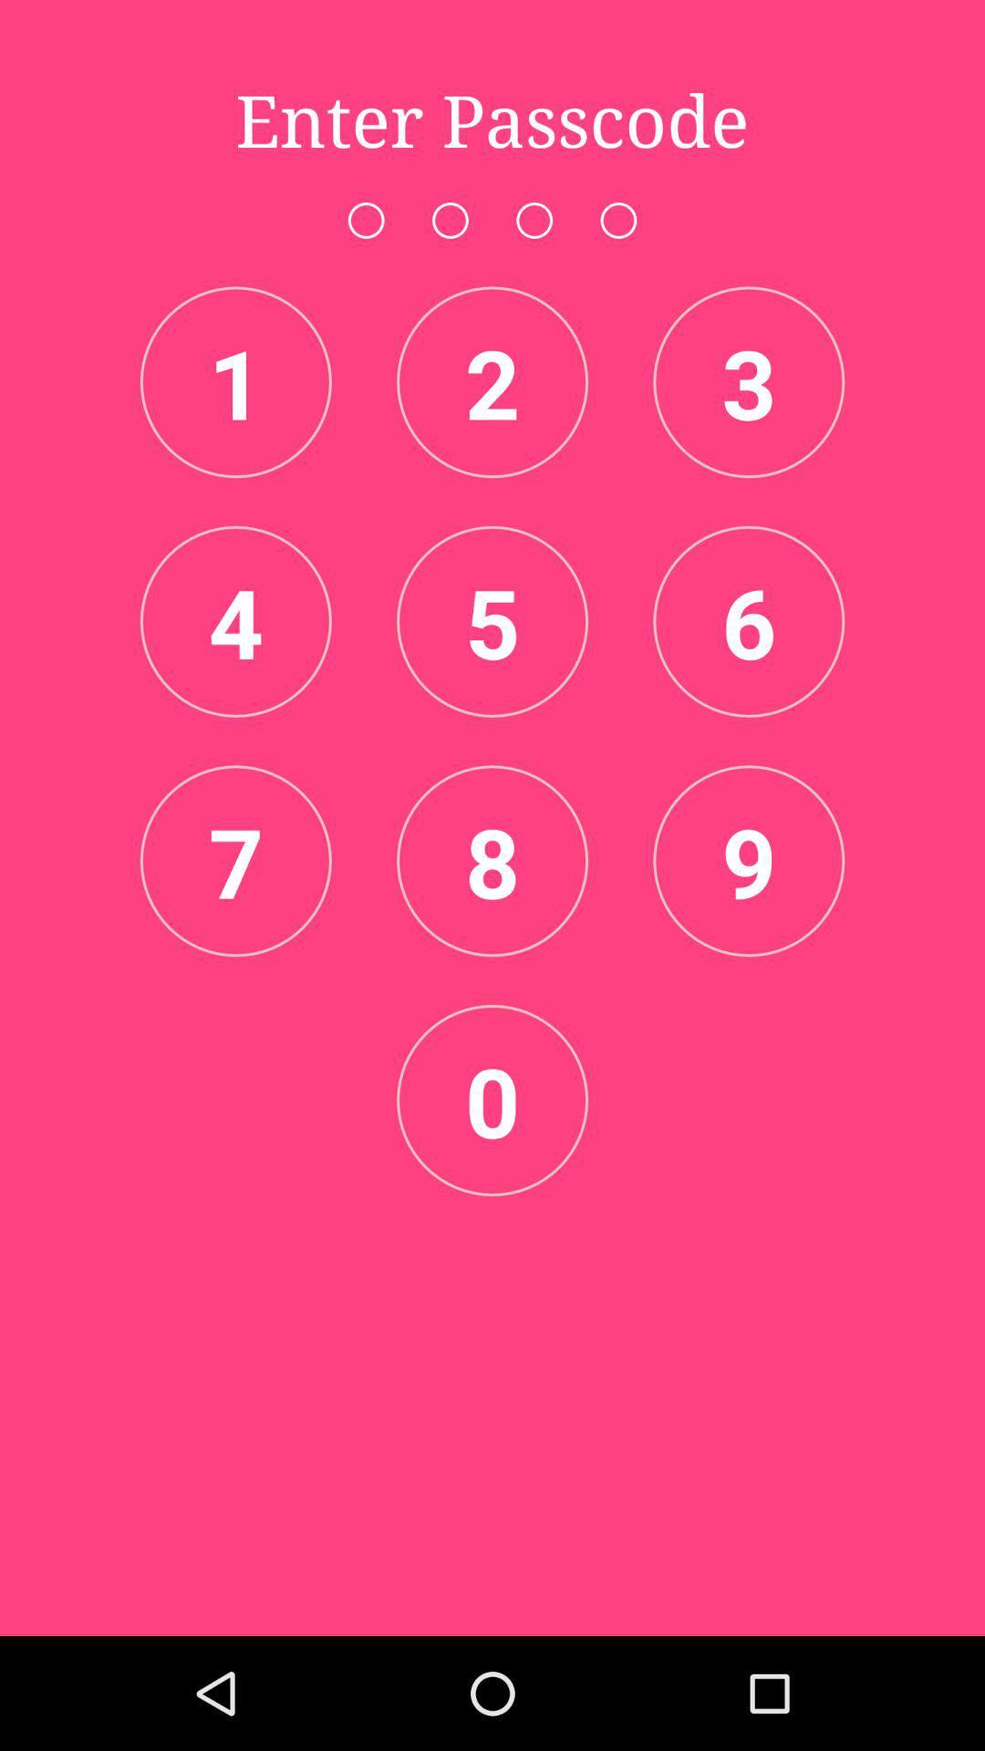 Image resolution: width=985 pixels, height=1751 pixels. What do you see at coordinates (493, 860) in the screenshot?
I see `the number 8` at bounding box center [493, 860].